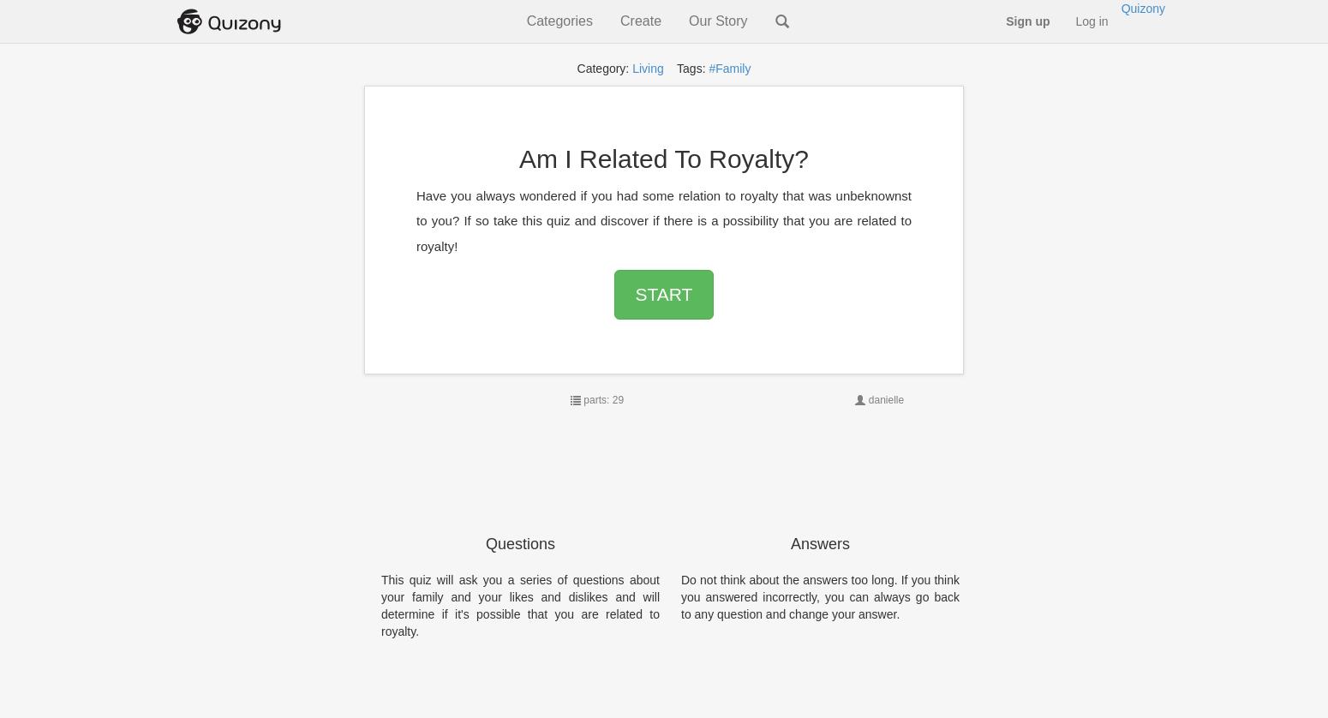  Describe the element at coordinates (520, 605) in the screenshot. I see `'This quiz will ask you a series of questions about your family and your likes and dislikes and will determine if it's possible that you are related to royalty.'` at that location.